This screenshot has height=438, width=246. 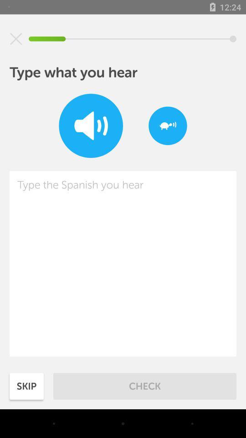 What do you see at coordinates (145, 386) in the screenshot?
I see `check` at bounding box center [145, 386].